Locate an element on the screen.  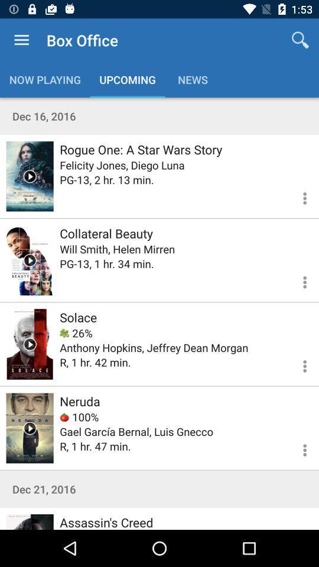
the icon next to box office item is located at coordinates (21, 40).